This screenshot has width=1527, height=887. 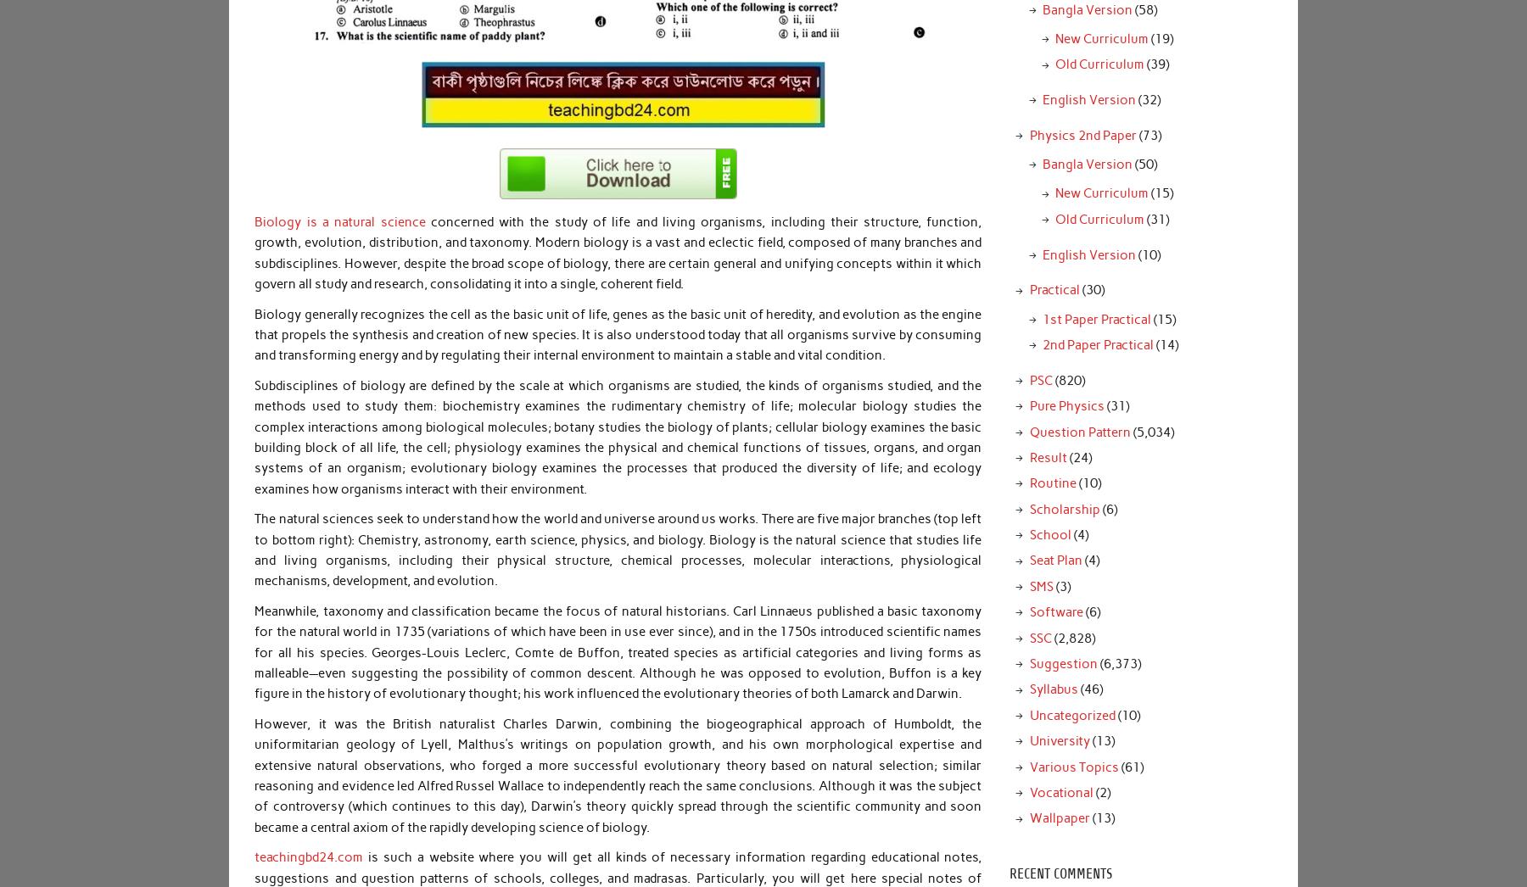 I want to click on 'teachingbd24.com', so click(x=254, y=856).